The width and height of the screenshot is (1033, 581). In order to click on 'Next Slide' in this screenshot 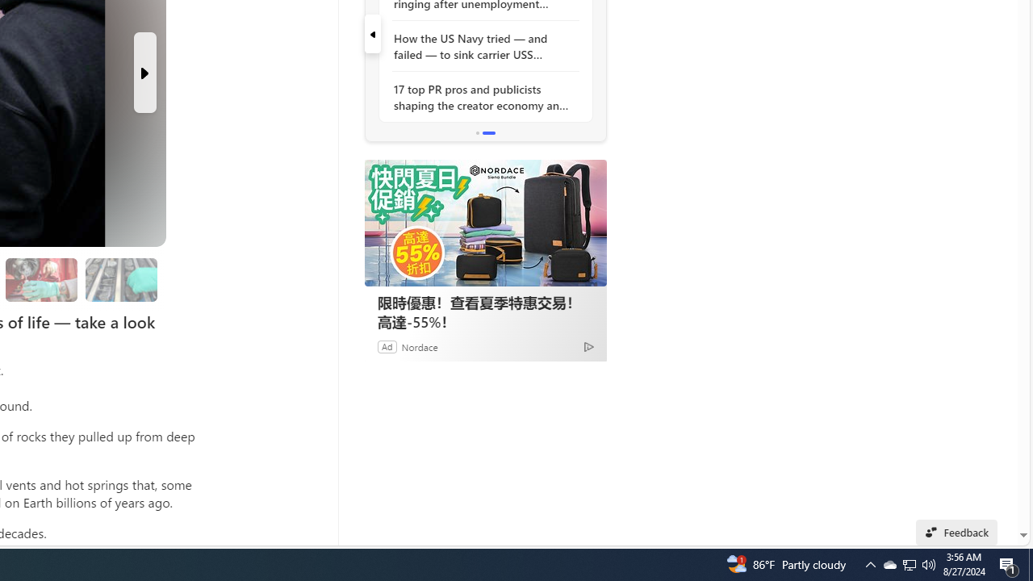, I will do `click(144, 73)`.